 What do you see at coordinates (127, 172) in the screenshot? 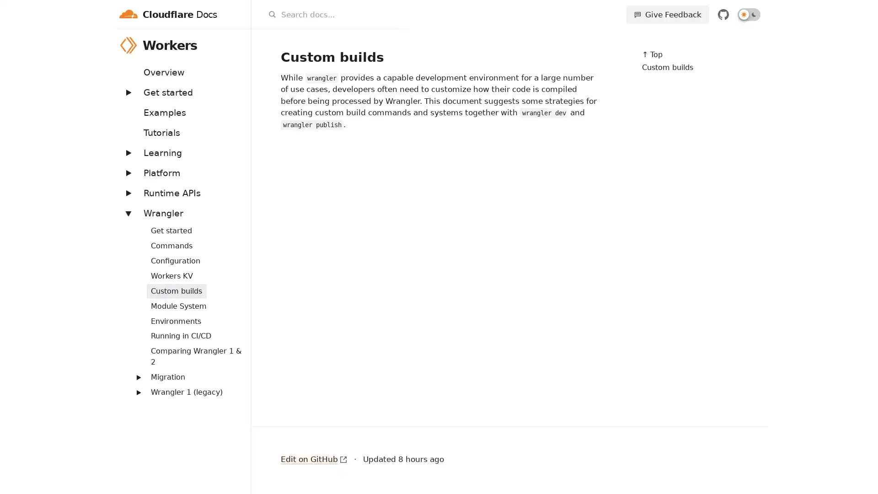
I see `Expand: Platform` at bounding box center [127, 172].